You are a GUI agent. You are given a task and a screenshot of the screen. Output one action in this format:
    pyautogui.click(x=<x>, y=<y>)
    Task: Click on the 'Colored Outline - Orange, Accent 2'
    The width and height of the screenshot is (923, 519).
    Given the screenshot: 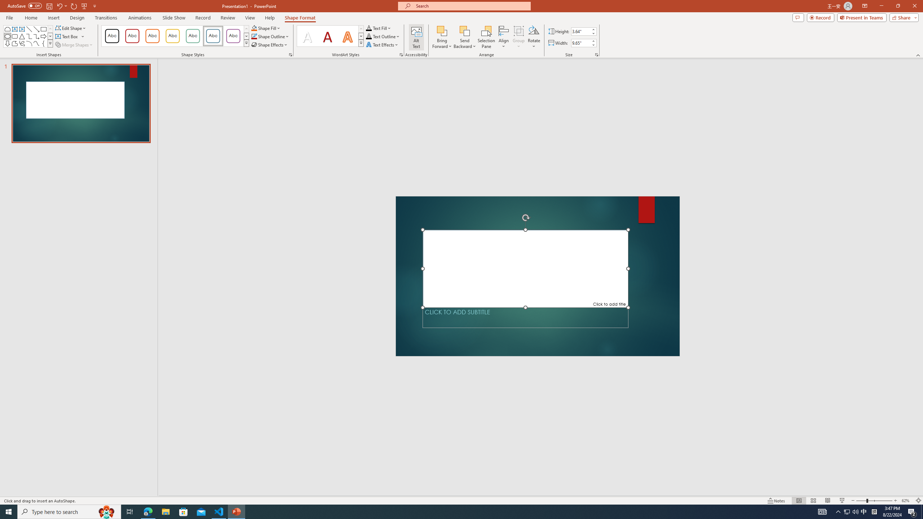 What is the action you would take?
    pyautogui.click(x=152, y=36)
    